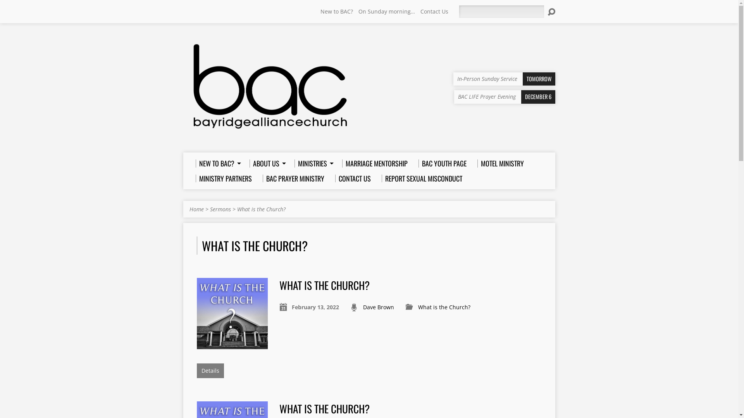 This screenshot has height=418, width=744. Describe the element at coordinates (196, 209) in the screenshot. I see `'Home'` at that location.